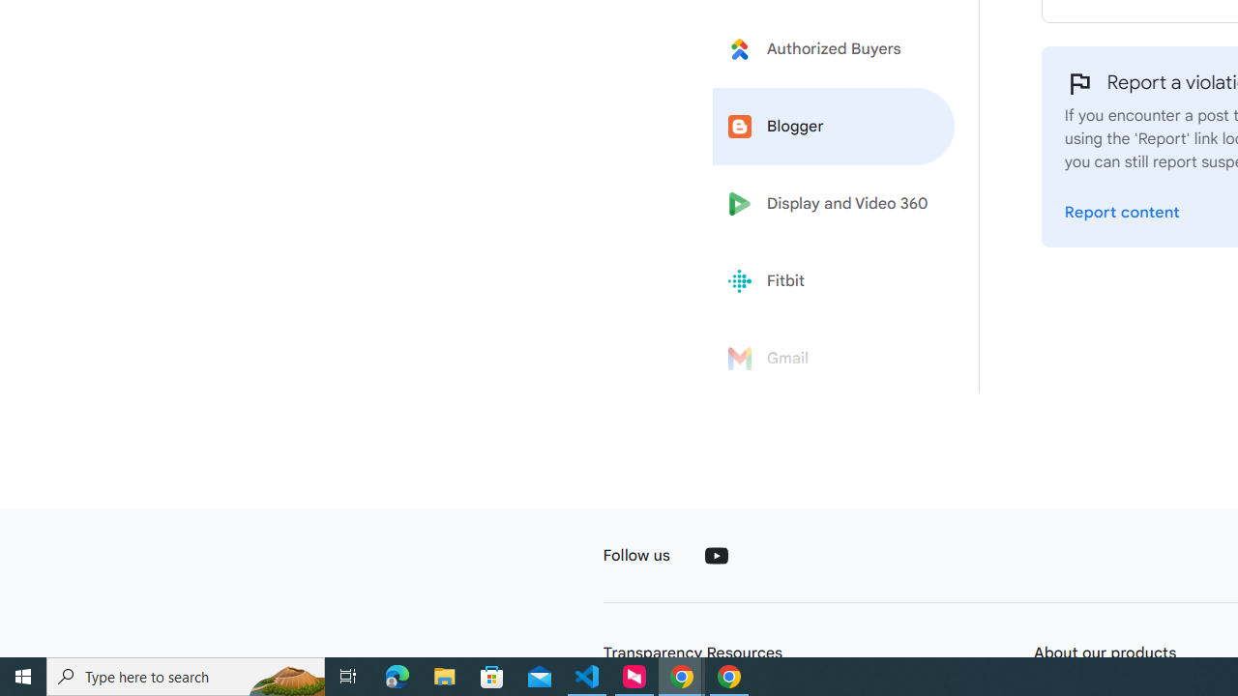 The height and width of the screenshot is (696, 1238). Describe the element at coordinates (186, 675) in the screenshot. I see `'Type here to search'` at that location.